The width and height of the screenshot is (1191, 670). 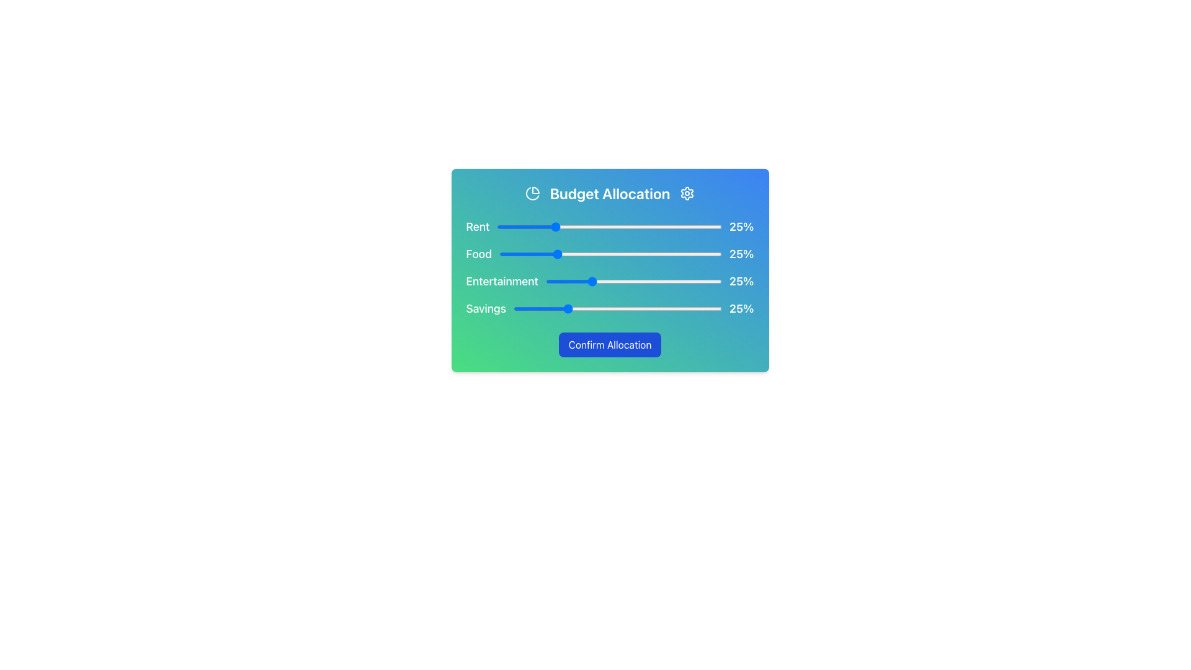 What do you see at coordinates (692, 308) in the screenshot?
I see `the savings allocation` at bounding box center [692, 308].